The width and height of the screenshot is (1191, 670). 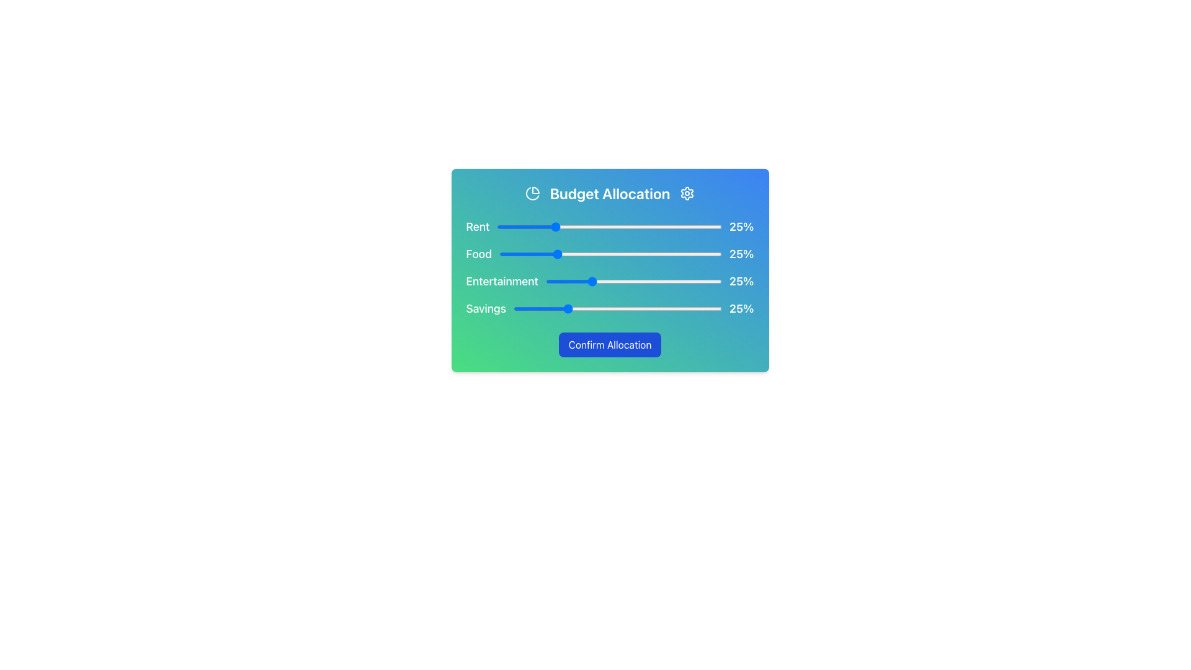 What do you see at coordinates (692, 308) in the screenshot?
I see `the savings allocation` at bounding box center [692, 308].